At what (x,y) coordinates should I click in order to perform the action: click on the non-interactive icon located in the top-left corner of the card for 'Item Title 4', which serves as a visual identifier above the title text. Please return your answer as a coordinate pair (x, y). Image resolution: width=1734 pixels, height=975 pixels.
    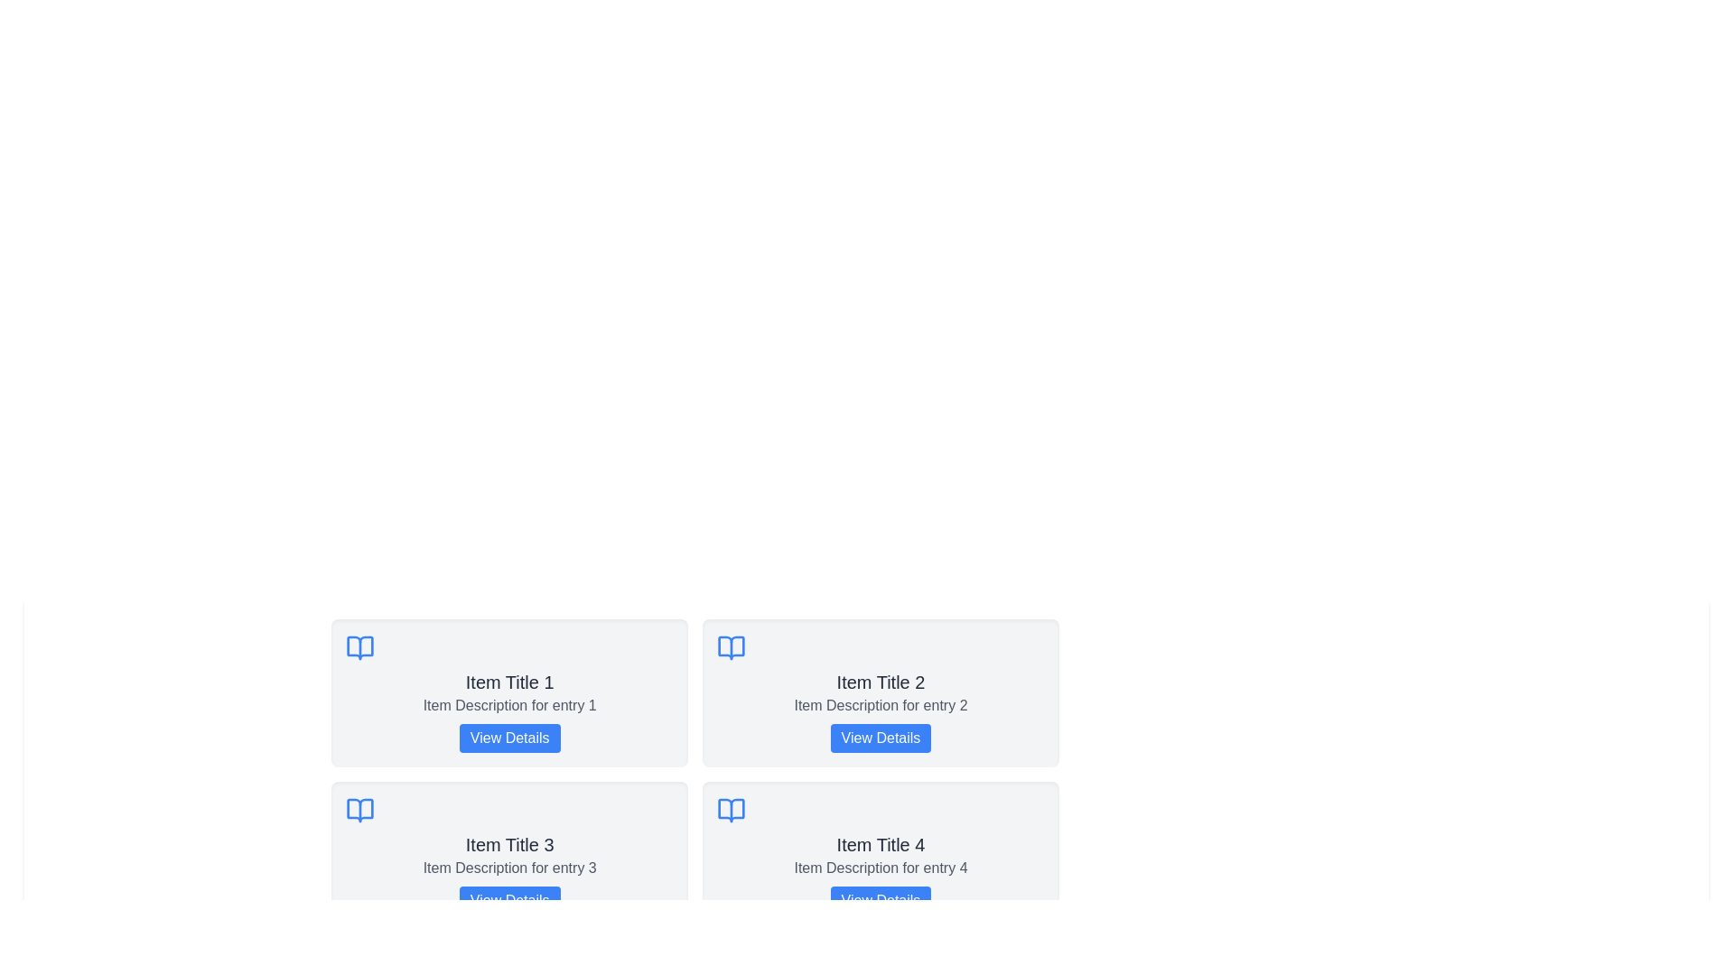
    Looking at the image, I should click on (732, 810).